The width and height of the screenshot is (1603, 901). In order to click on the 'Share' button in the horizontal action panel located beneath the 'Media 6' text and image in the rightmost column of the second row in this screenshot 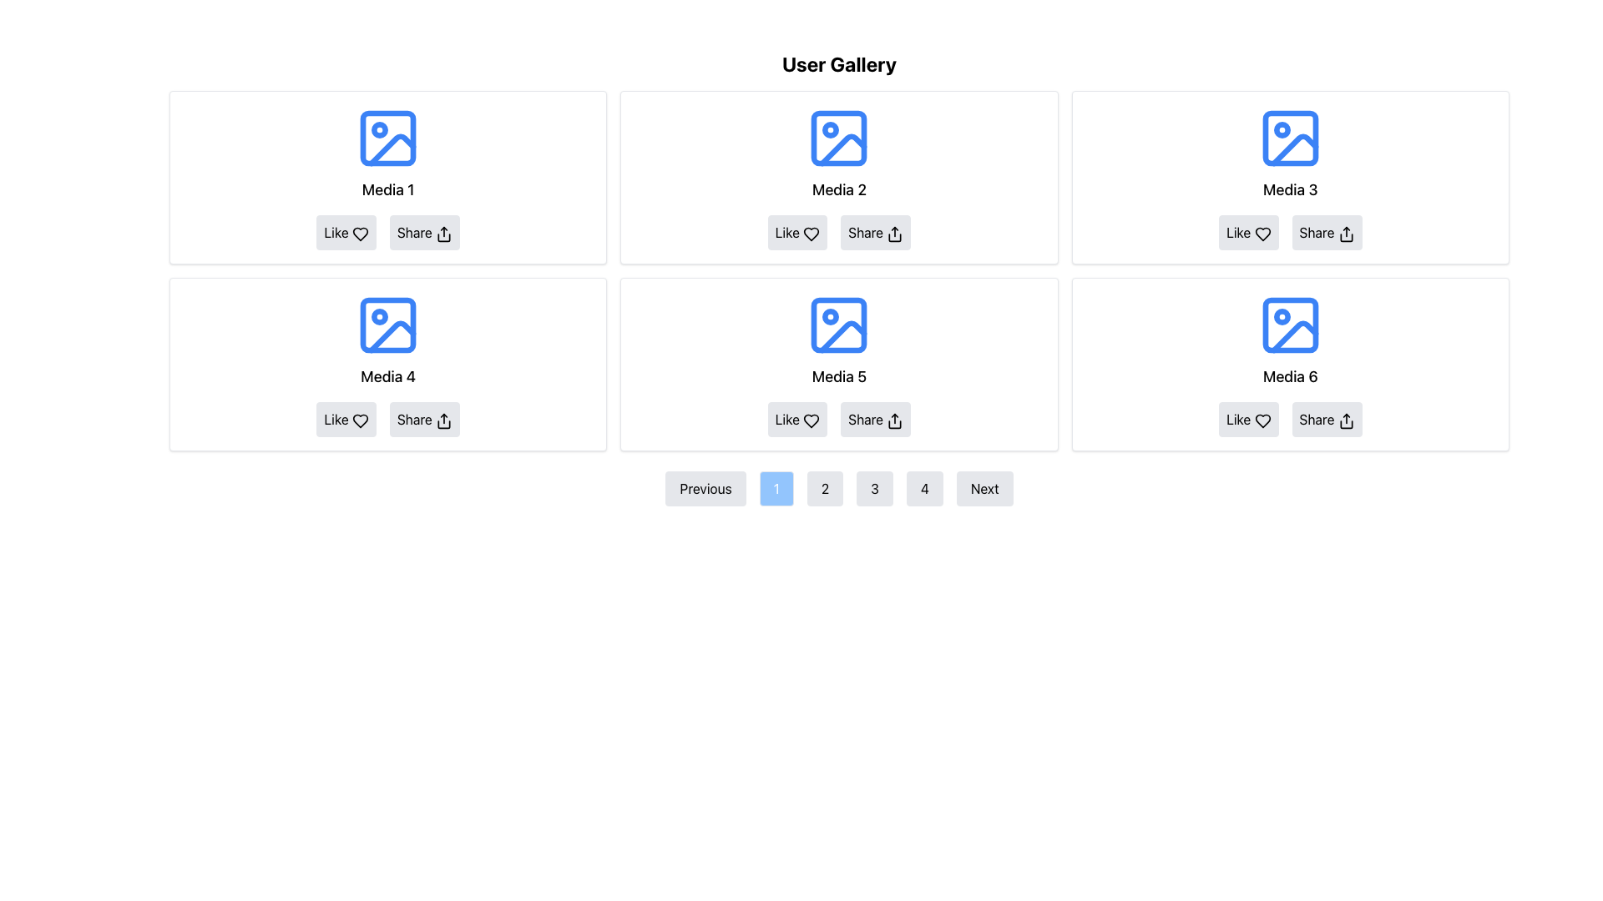, I will do `click(1289, 418)`.